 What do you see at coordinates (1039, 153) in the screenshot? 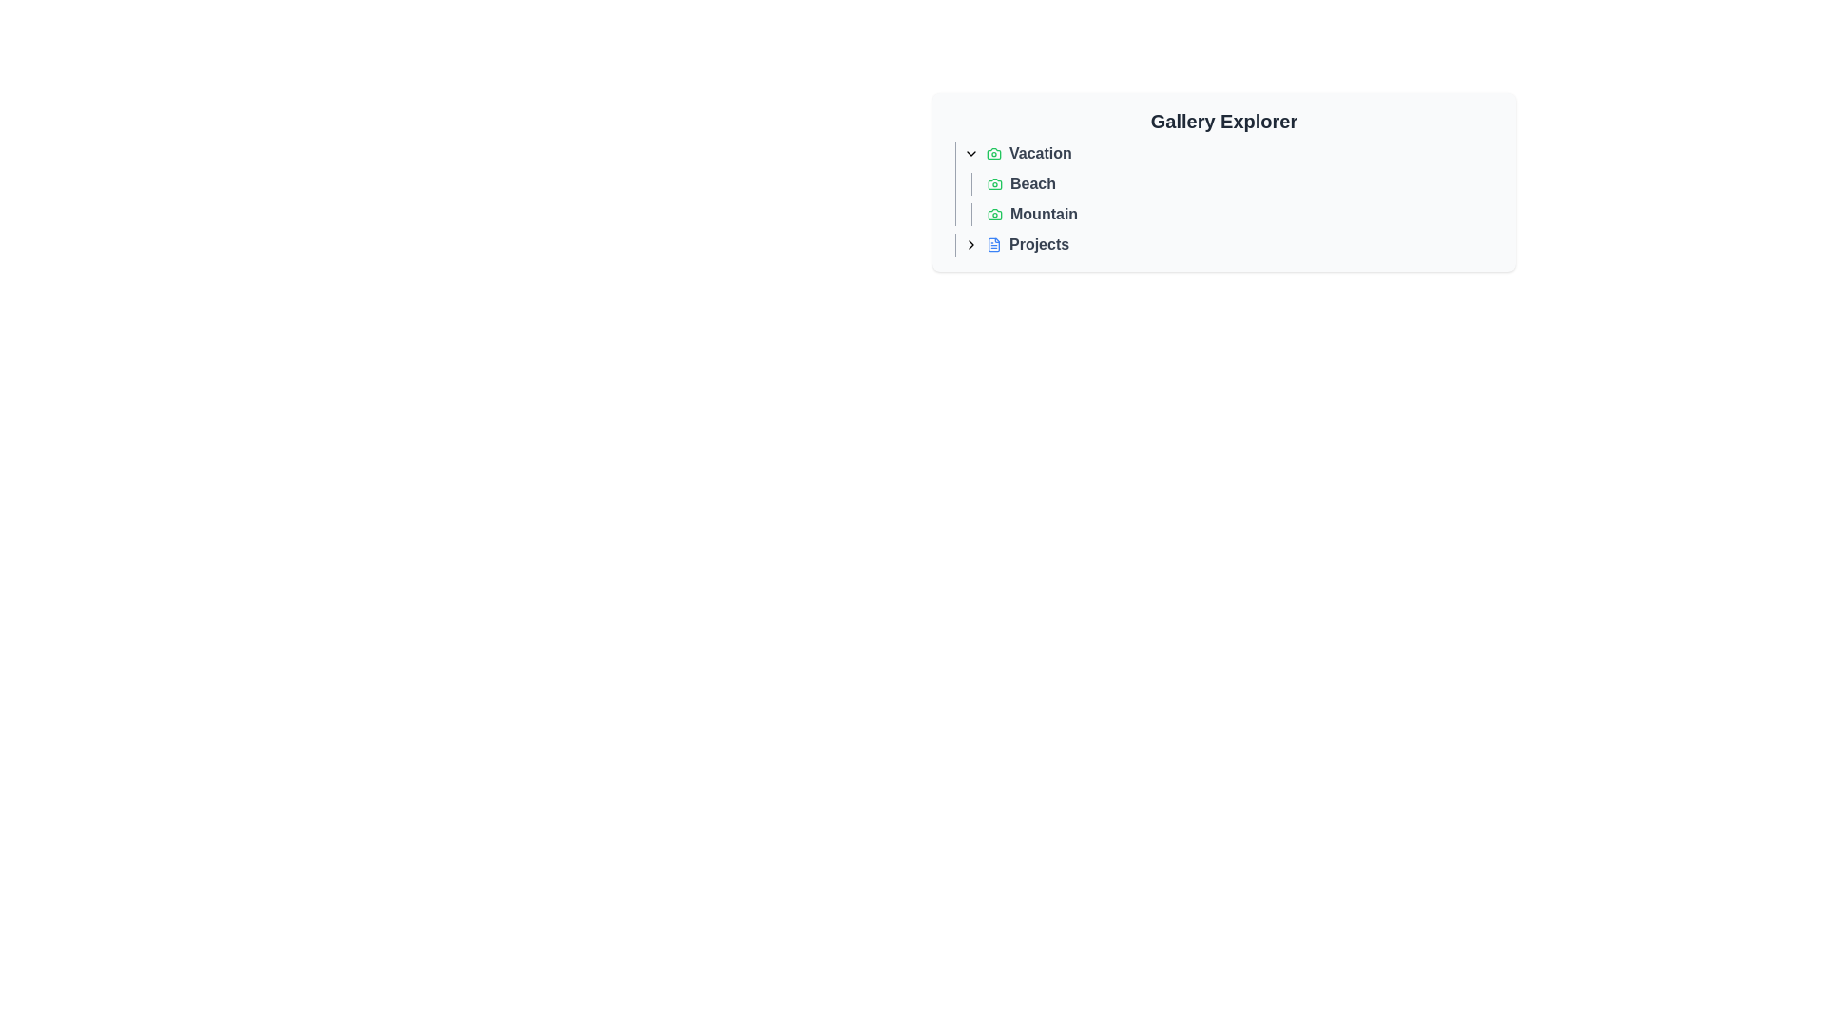
I see `the 'Vacation' label, which is positioned as the label of the first item in a hierarchical list view, following a green camera icon and preceding a collapsible arrow indicator` at bounding box center [1039, 153].